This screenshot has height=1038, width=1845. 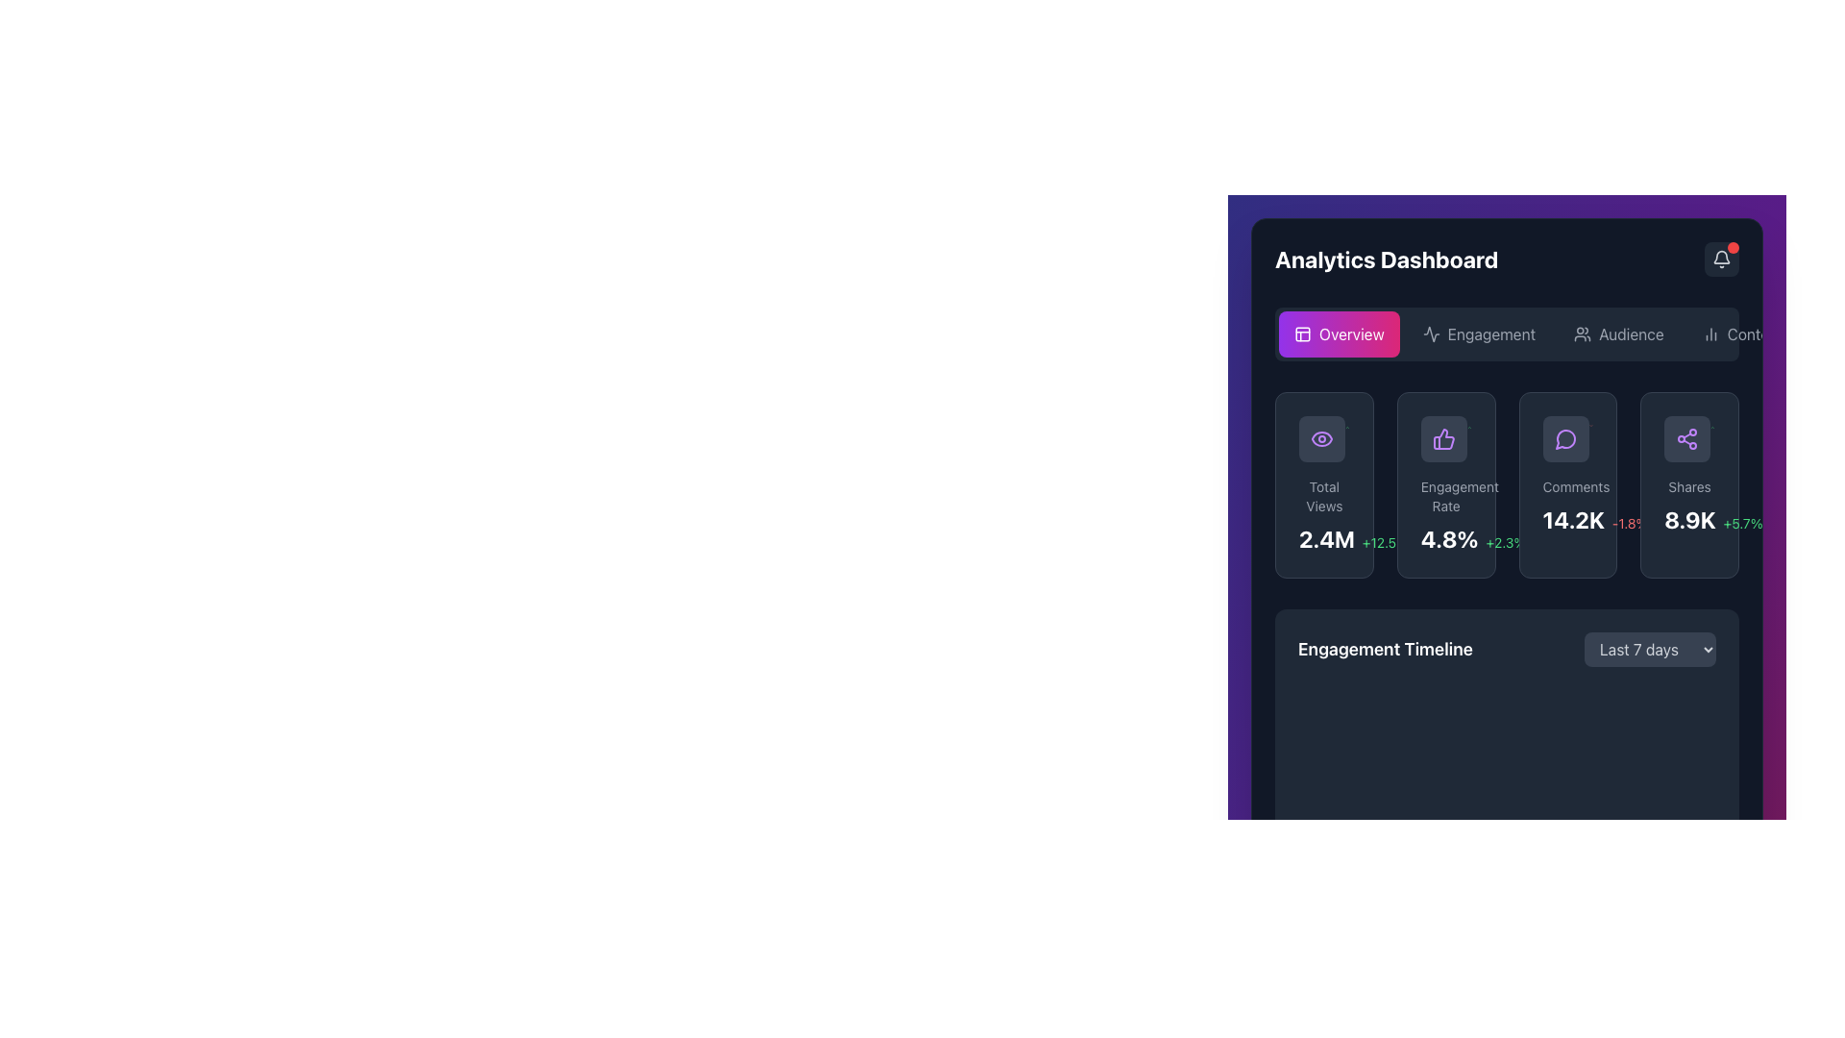 I want to click on the share icon located in the 'Shares' panel on the far right of the dashboard, so click(x=1687, y=438).